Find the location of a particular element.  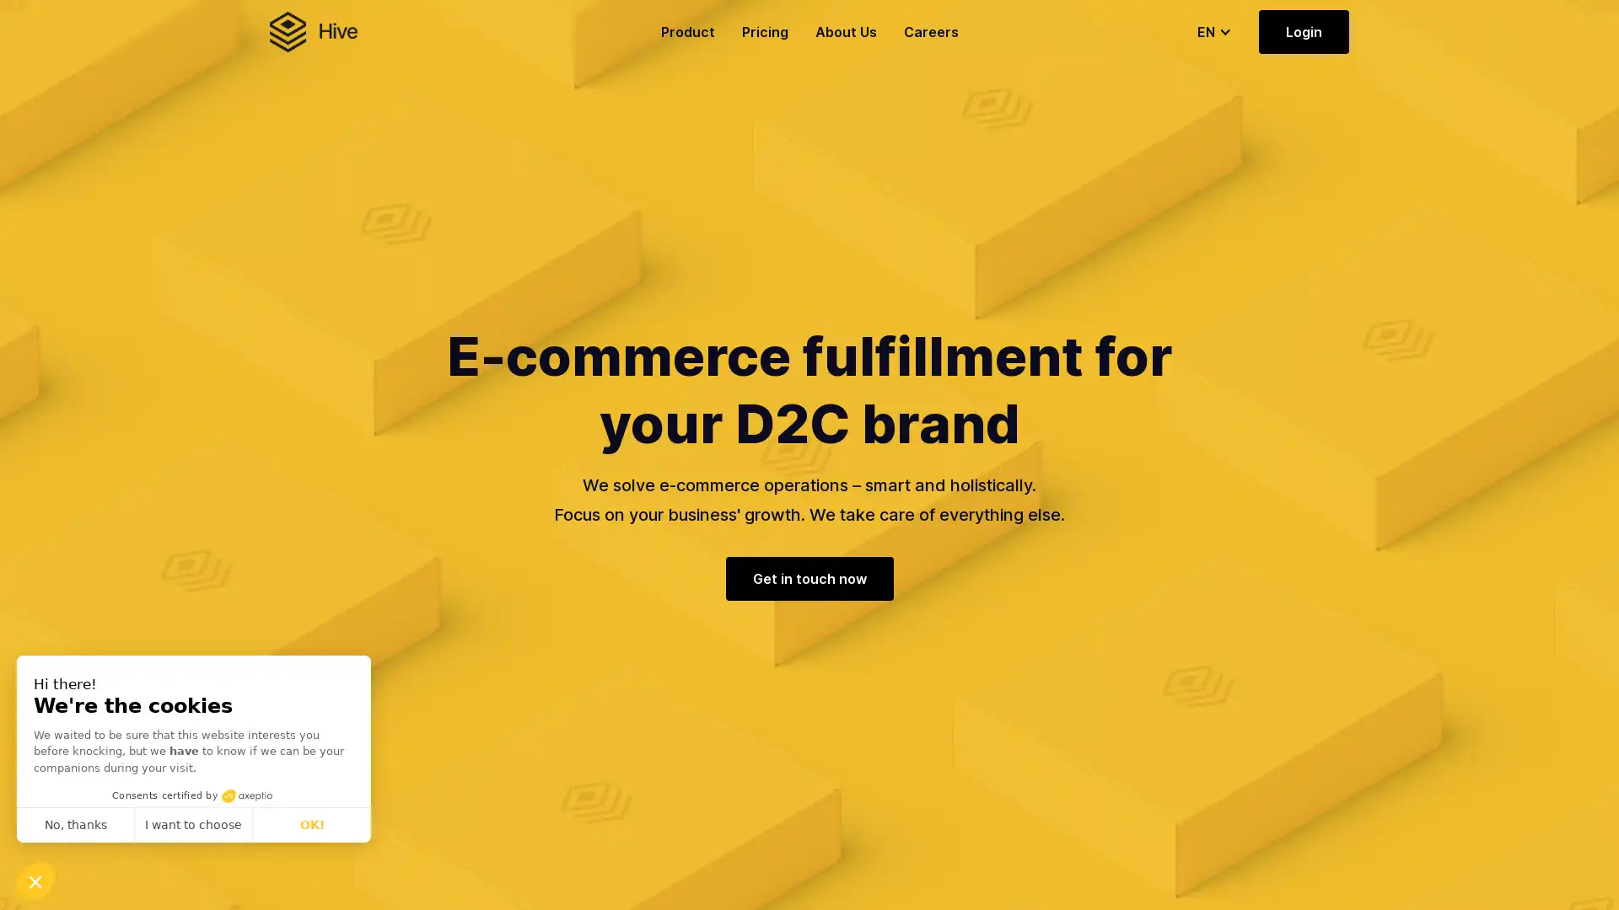

Continue and decide later is located at coordinates (35, 880).